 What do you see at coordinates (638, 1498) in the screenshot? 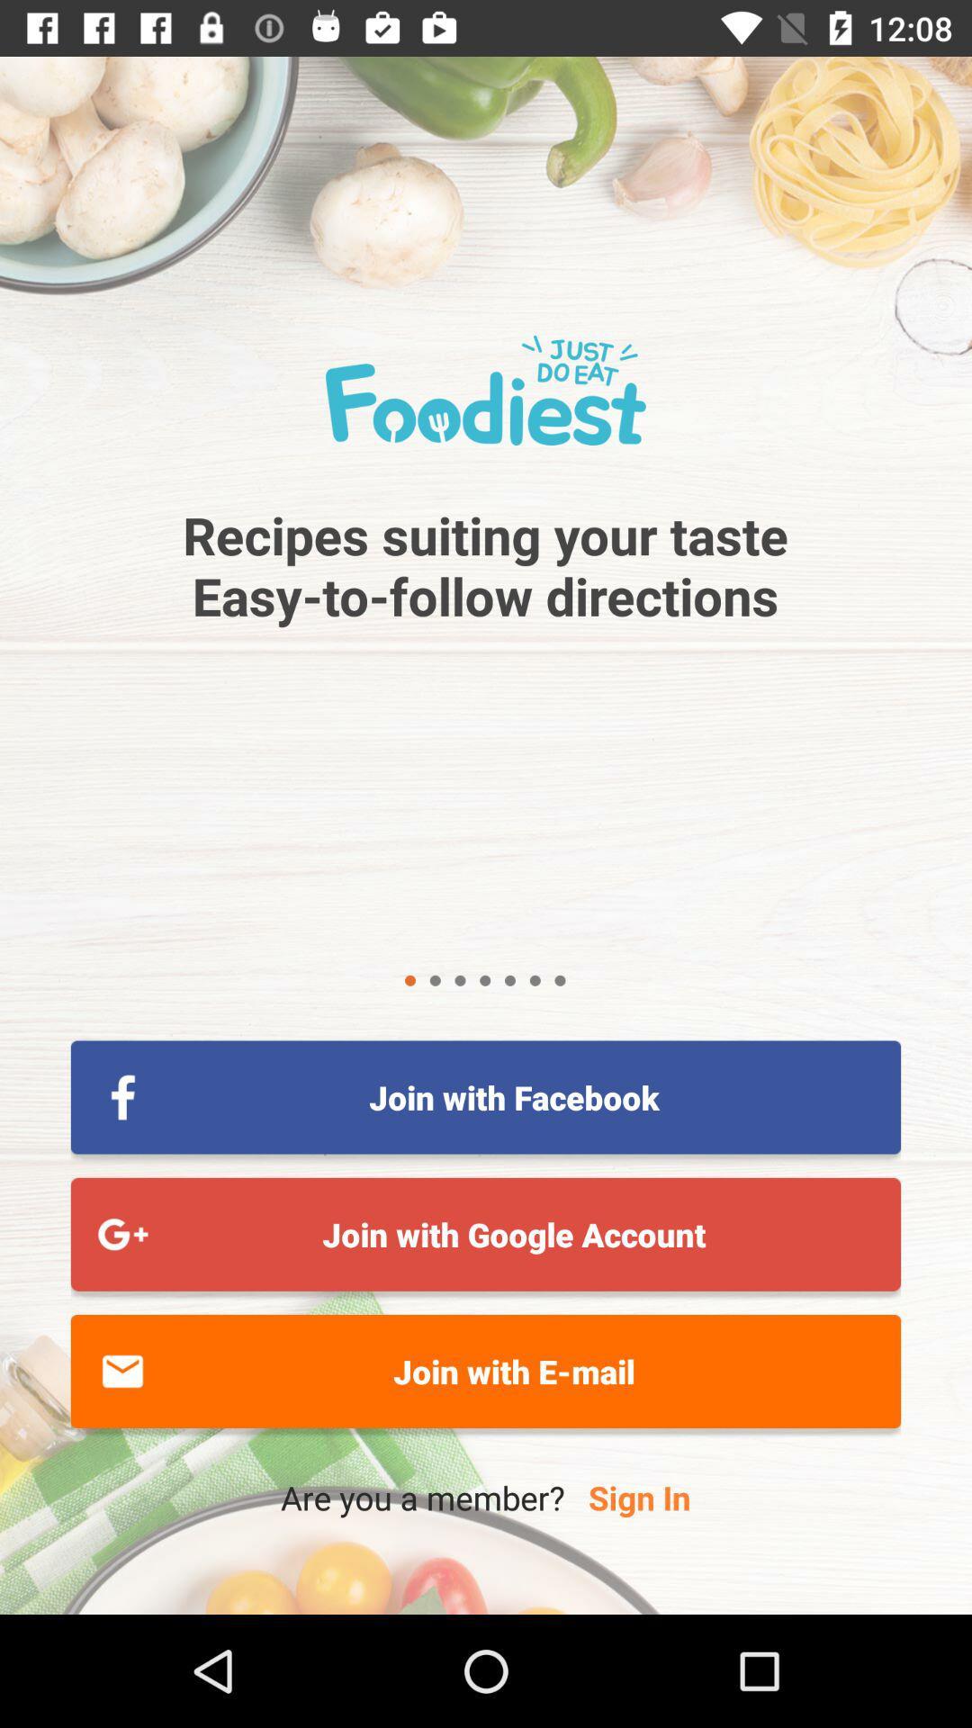
I see `item below the join with e` at bounding box center [638, 1498].